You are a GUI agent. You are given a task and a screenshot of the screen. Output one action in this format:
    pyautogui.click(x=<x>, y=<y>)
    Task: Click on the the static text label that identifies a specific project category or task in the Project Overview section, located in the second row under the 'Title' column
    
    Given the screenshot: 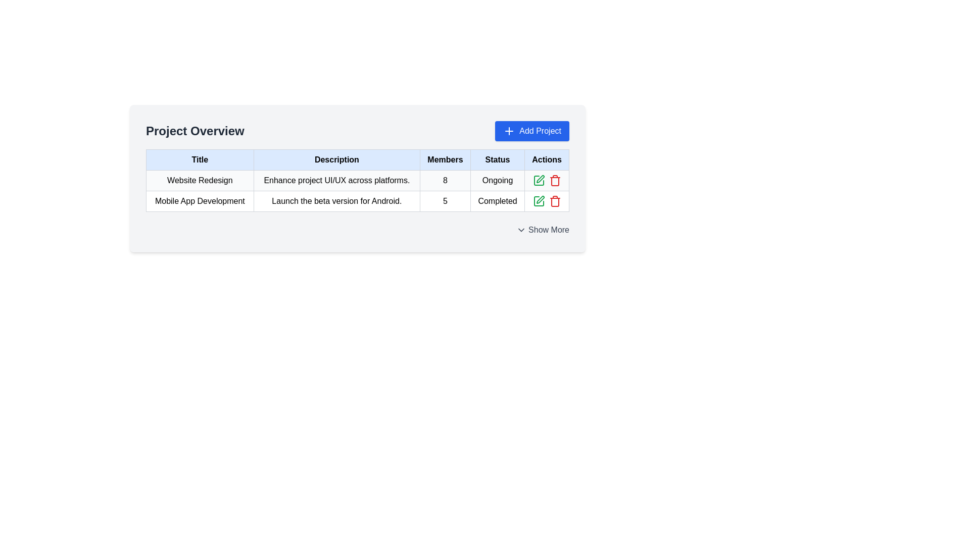 What is the action you would take?
    pyautogui.click(x=200, y=201)
    